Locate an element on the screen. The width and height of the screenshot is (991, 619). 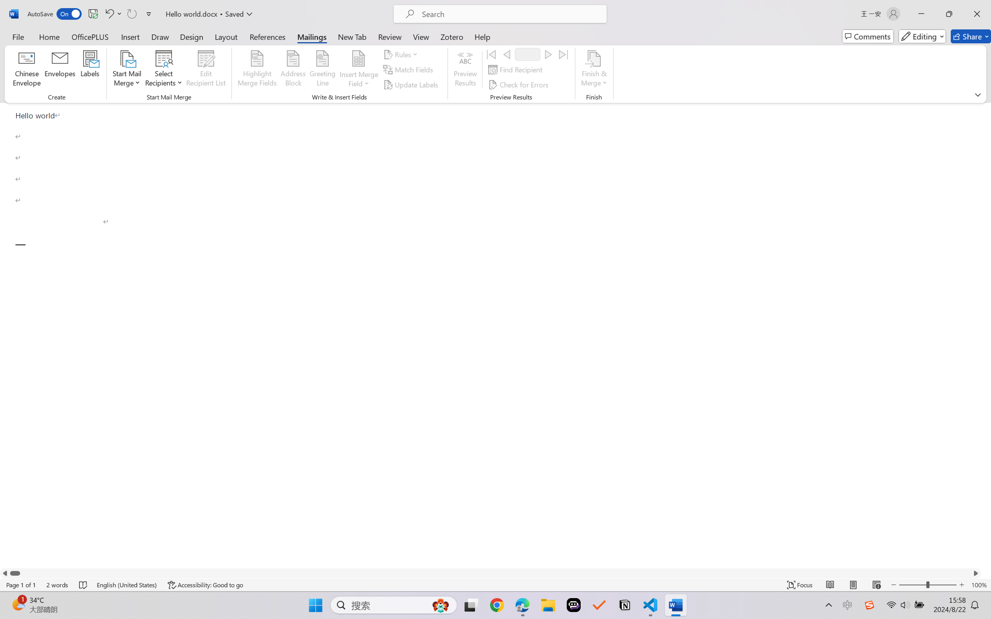
'Greeting Line...' is located at coordinates (322, 70).